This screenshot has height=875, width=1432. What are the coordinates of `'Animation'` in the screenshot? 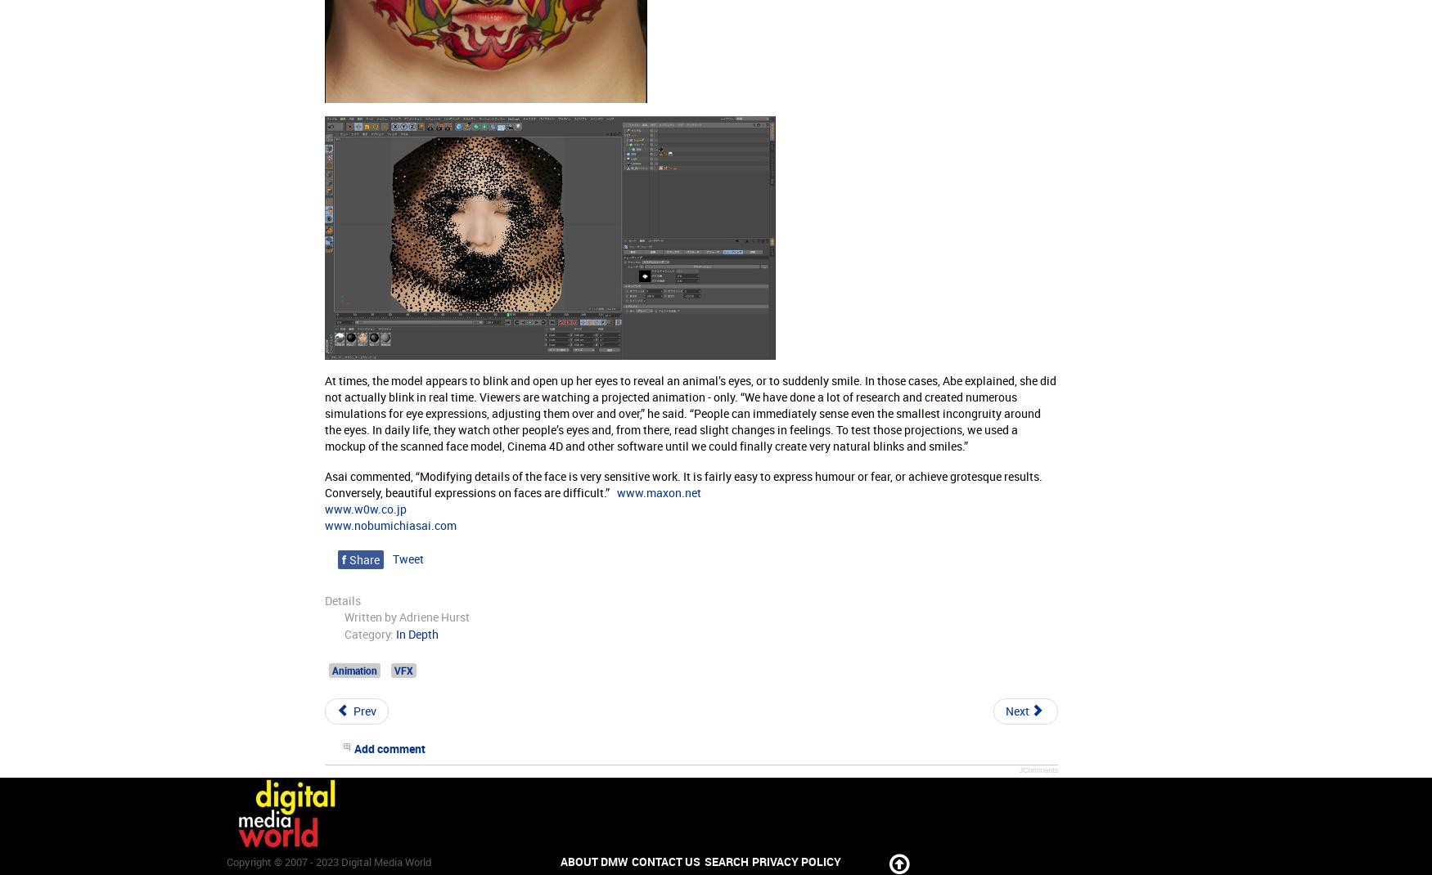 It's located at (353, 669).